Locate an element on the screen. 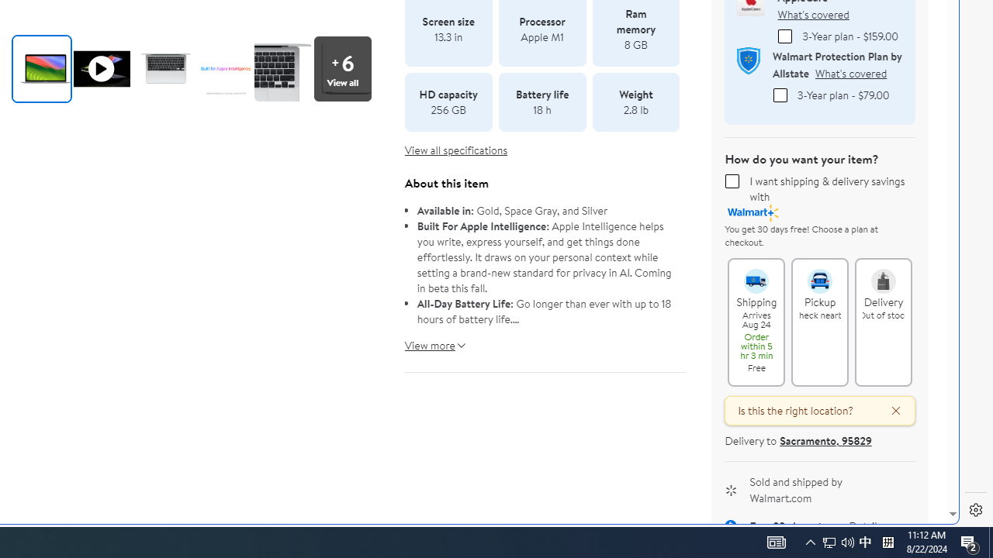  'Delivery Out of stock Delivery Out of stock' is located at coordinates (884, 321).